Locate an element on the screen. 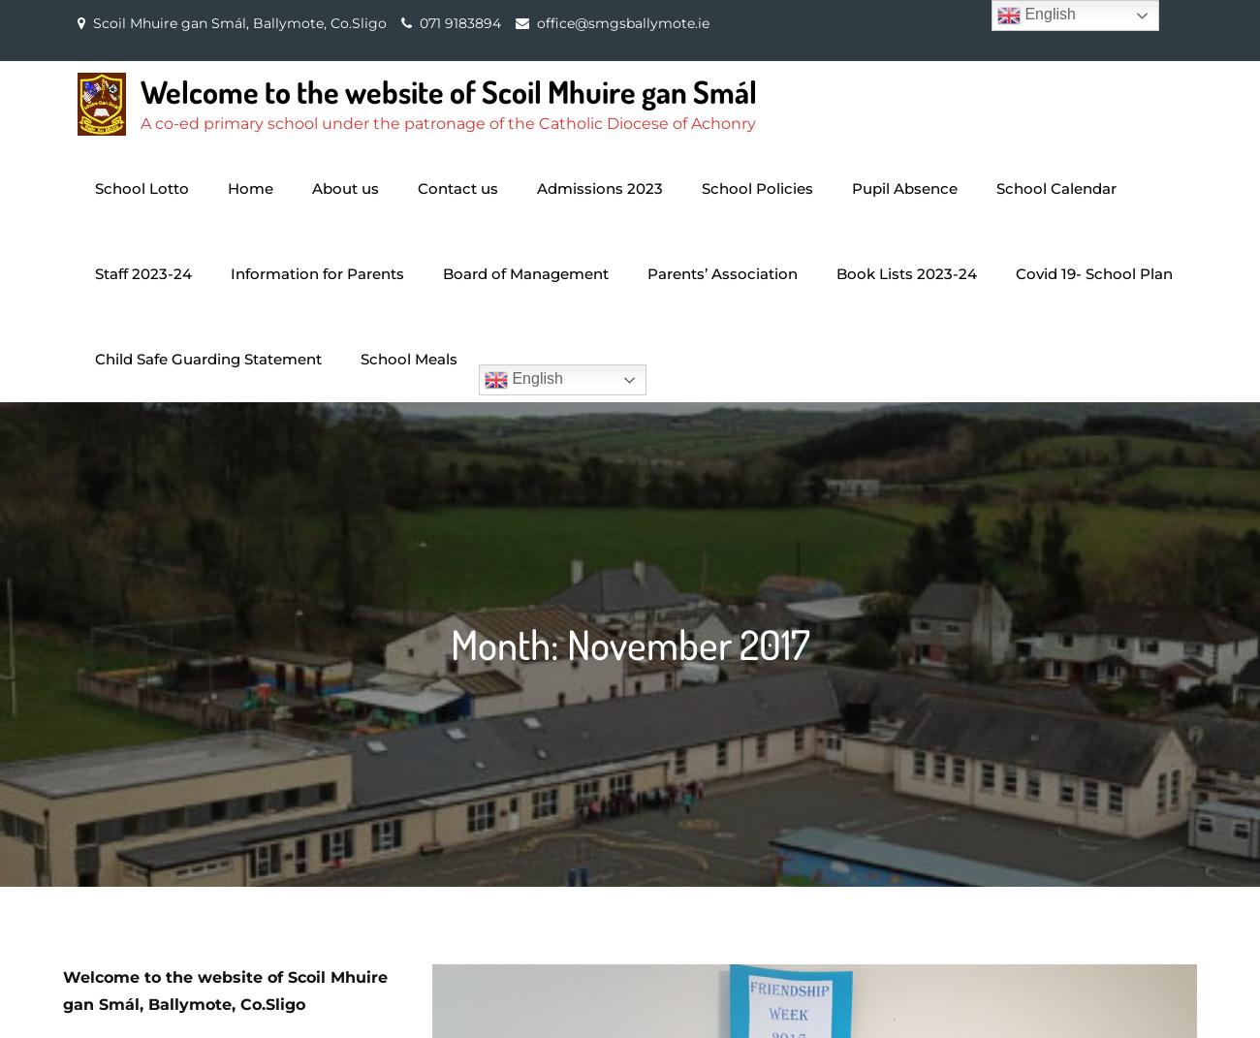 The height and width of the screenshot is (1038, 1260). 'Parents’ Association' is located at coordinates (722, 273).